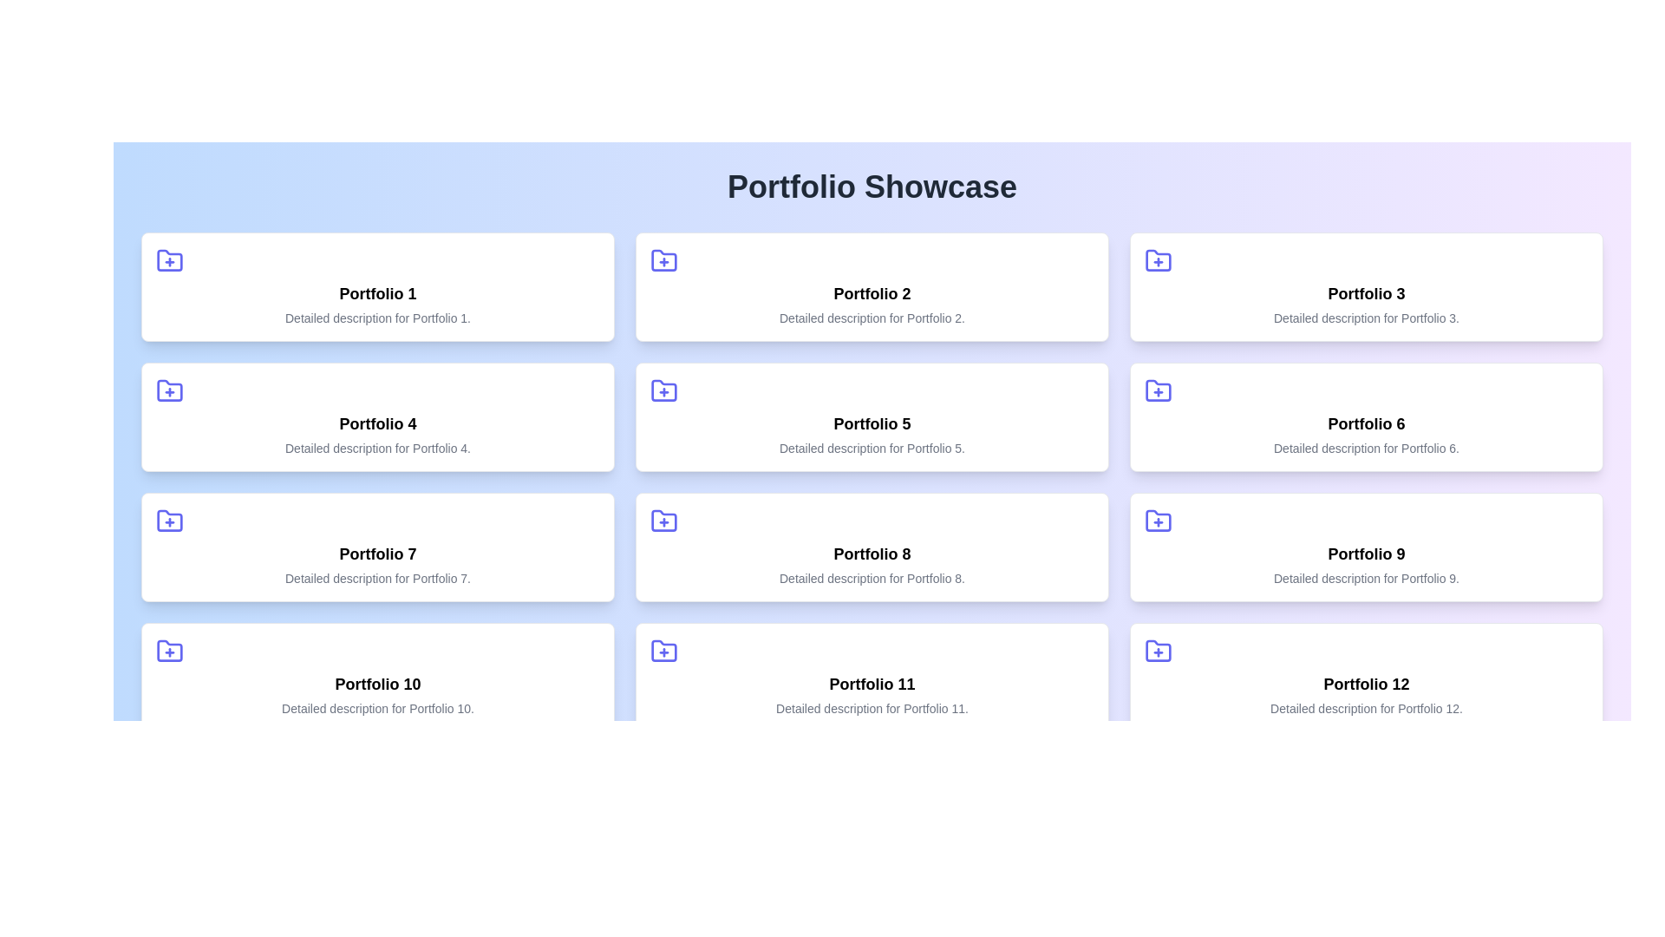 This screenshot has height=937, width=1665. Describe the element at coordinates (1158, 260) in the screenshot. I see `the plus icon located in the top-right area of the 'Portfolio 3' grid element to initiate folder addition` at that location.